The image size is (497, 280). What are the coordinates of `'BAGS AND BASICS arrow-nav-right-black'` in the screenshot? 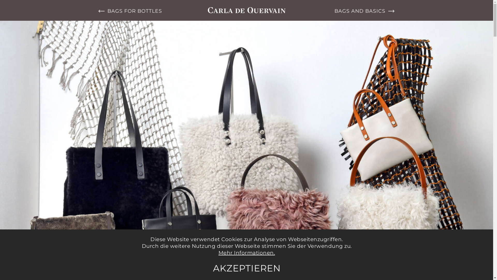 It's located at (358, 11).